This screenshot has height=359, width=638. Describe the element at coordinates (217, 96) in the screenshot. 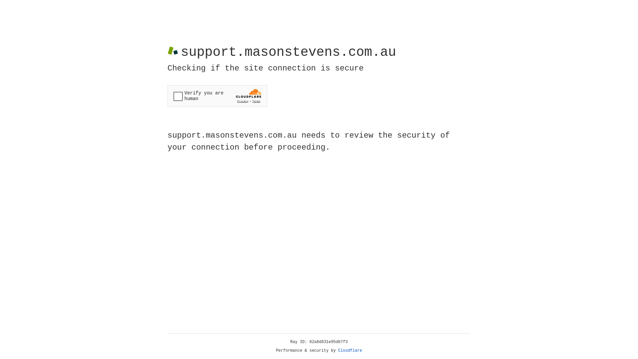

I see `'Widget containing a Cloudflare security challenge'` at that location.